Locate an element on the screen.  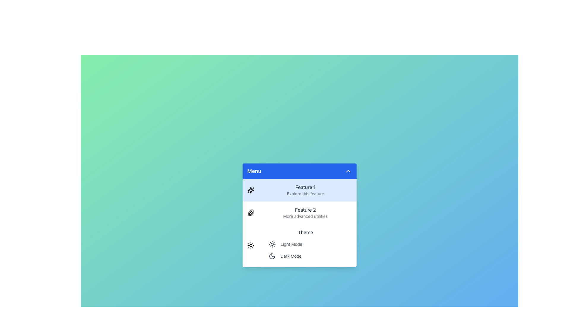
the 'Light Mode' text label located under the 'Theme' label in the menu section, adjacent to the sun icon is located at coordinates (291, 244).